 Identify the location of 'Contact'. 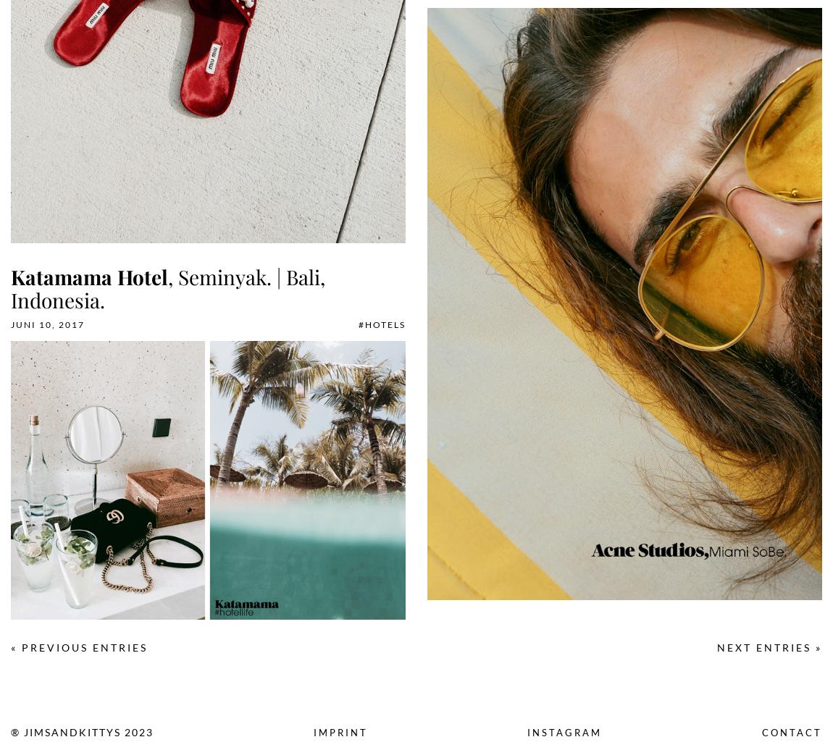
(792, 732).